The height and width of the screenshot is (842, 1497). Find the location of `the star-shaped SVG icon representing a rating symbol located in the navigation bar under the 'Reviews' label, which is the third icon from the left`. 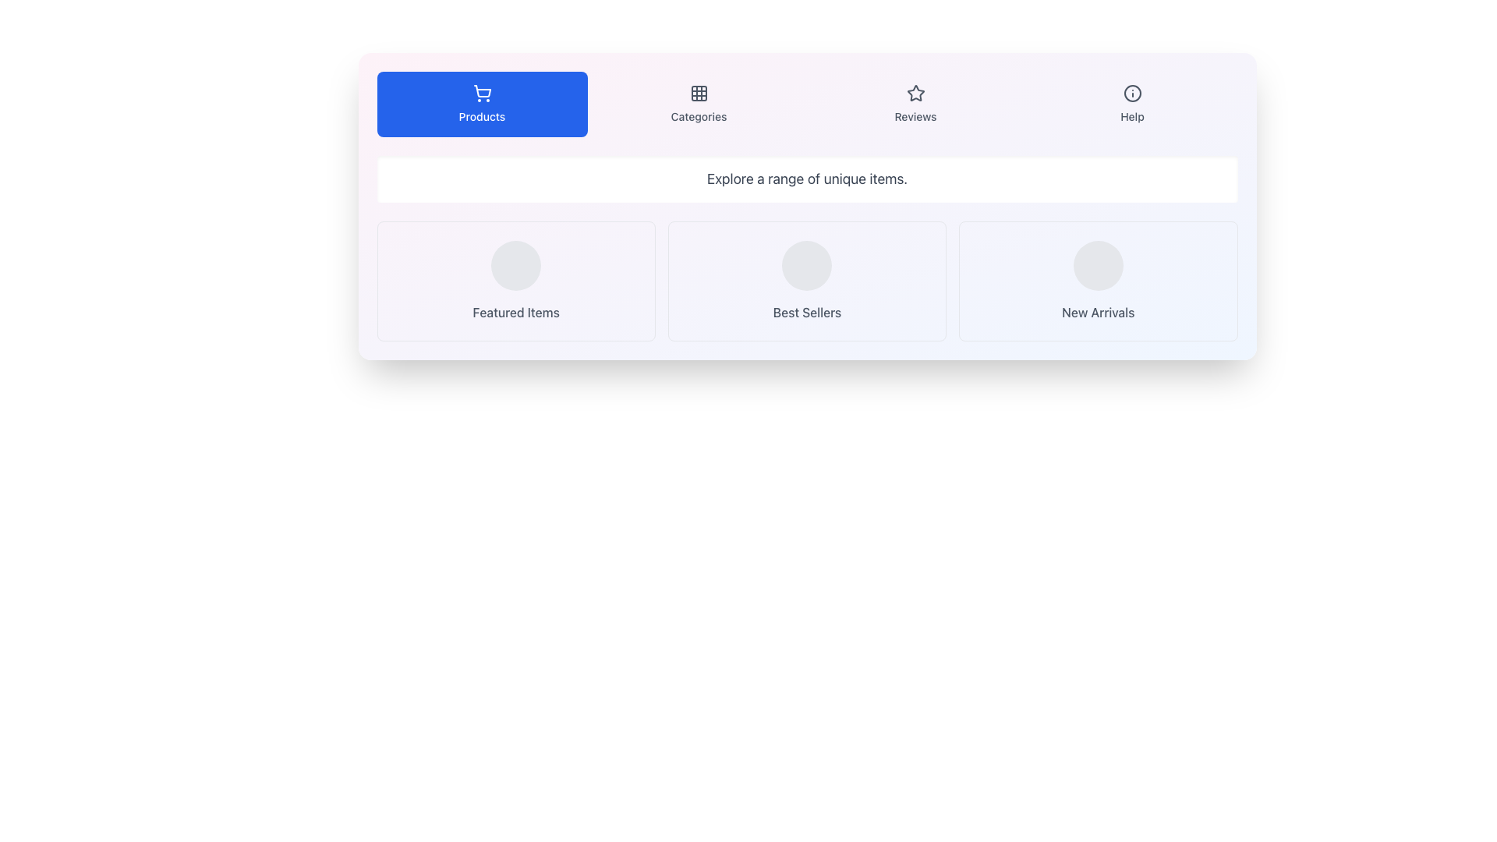

the star-shaped SVG icon representing a rating symbol located in the navigation bar under the 'Reviews' label, which is the third icon from the left is located at coordinates (915, 93).